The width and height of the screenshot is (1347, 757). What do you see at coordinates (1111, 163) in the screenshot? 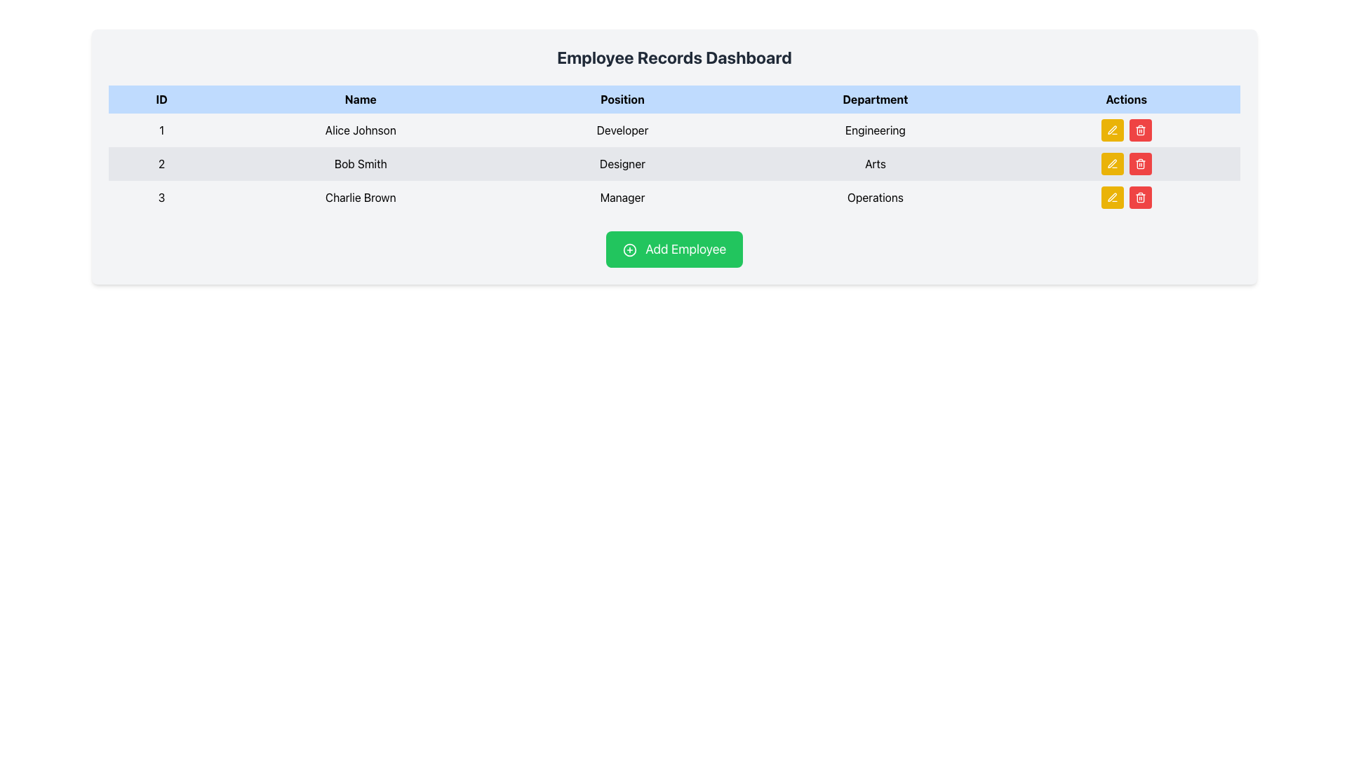
I see `the pen icon within the yellow button located in the Actions column of Bob Smith's row` at bounding box center [1111, 163].